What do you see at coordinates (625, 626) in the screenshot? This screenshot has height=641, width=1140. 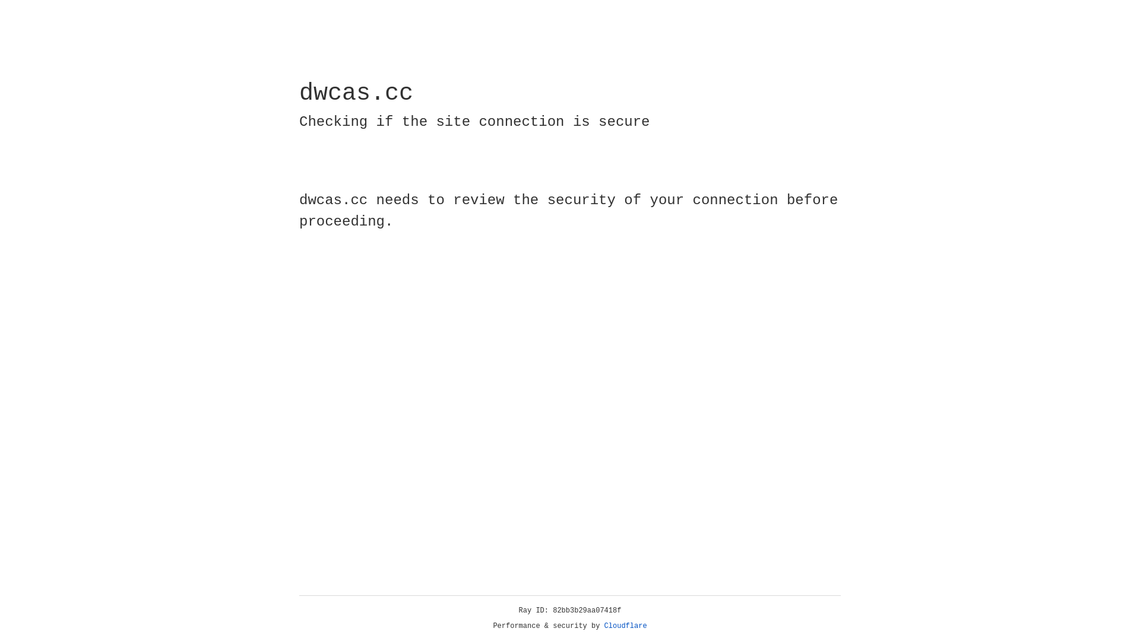 I see `'Cloudflare'` at bounding box center [625, 626].